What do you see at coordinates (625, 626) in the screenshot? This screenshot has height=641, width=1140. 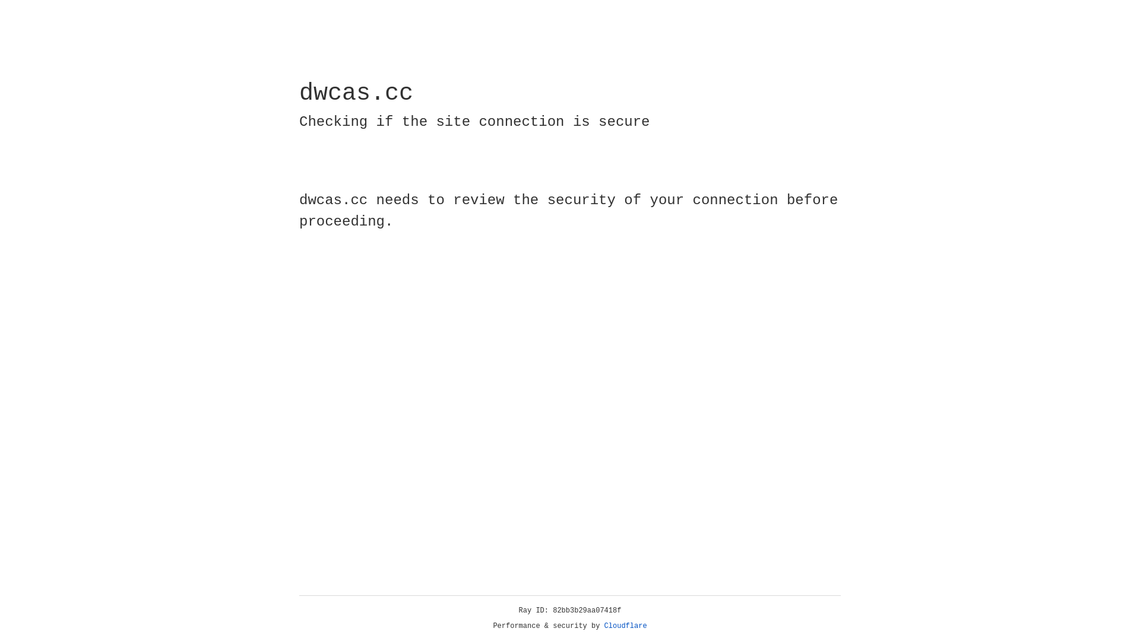 I see `'Cloudflare'` at bounding box center [625, 626].